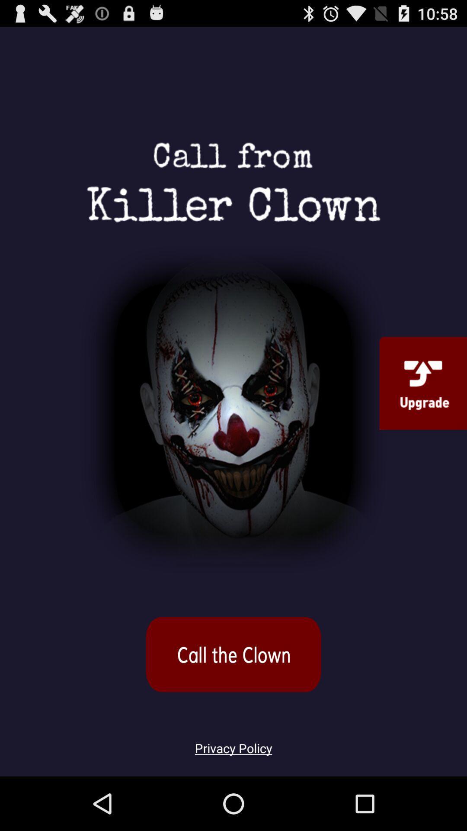  I want to click on call, so click(233, 654).